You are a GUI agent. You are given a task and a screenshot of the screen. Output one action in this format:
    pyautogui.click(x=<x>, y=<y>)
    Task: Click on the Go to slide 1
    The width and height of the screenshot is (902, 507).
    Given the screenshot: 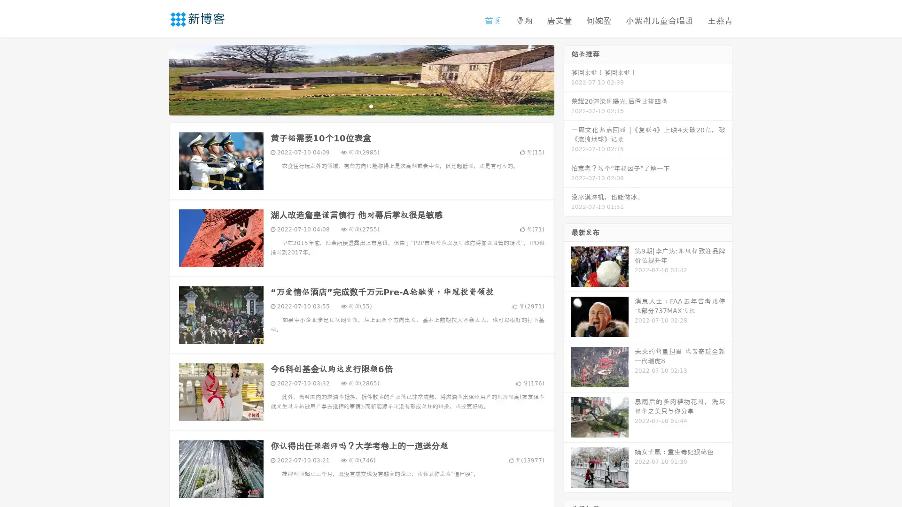 What is the action you would take?
    pyautogui.click(x=351, y=106)
    